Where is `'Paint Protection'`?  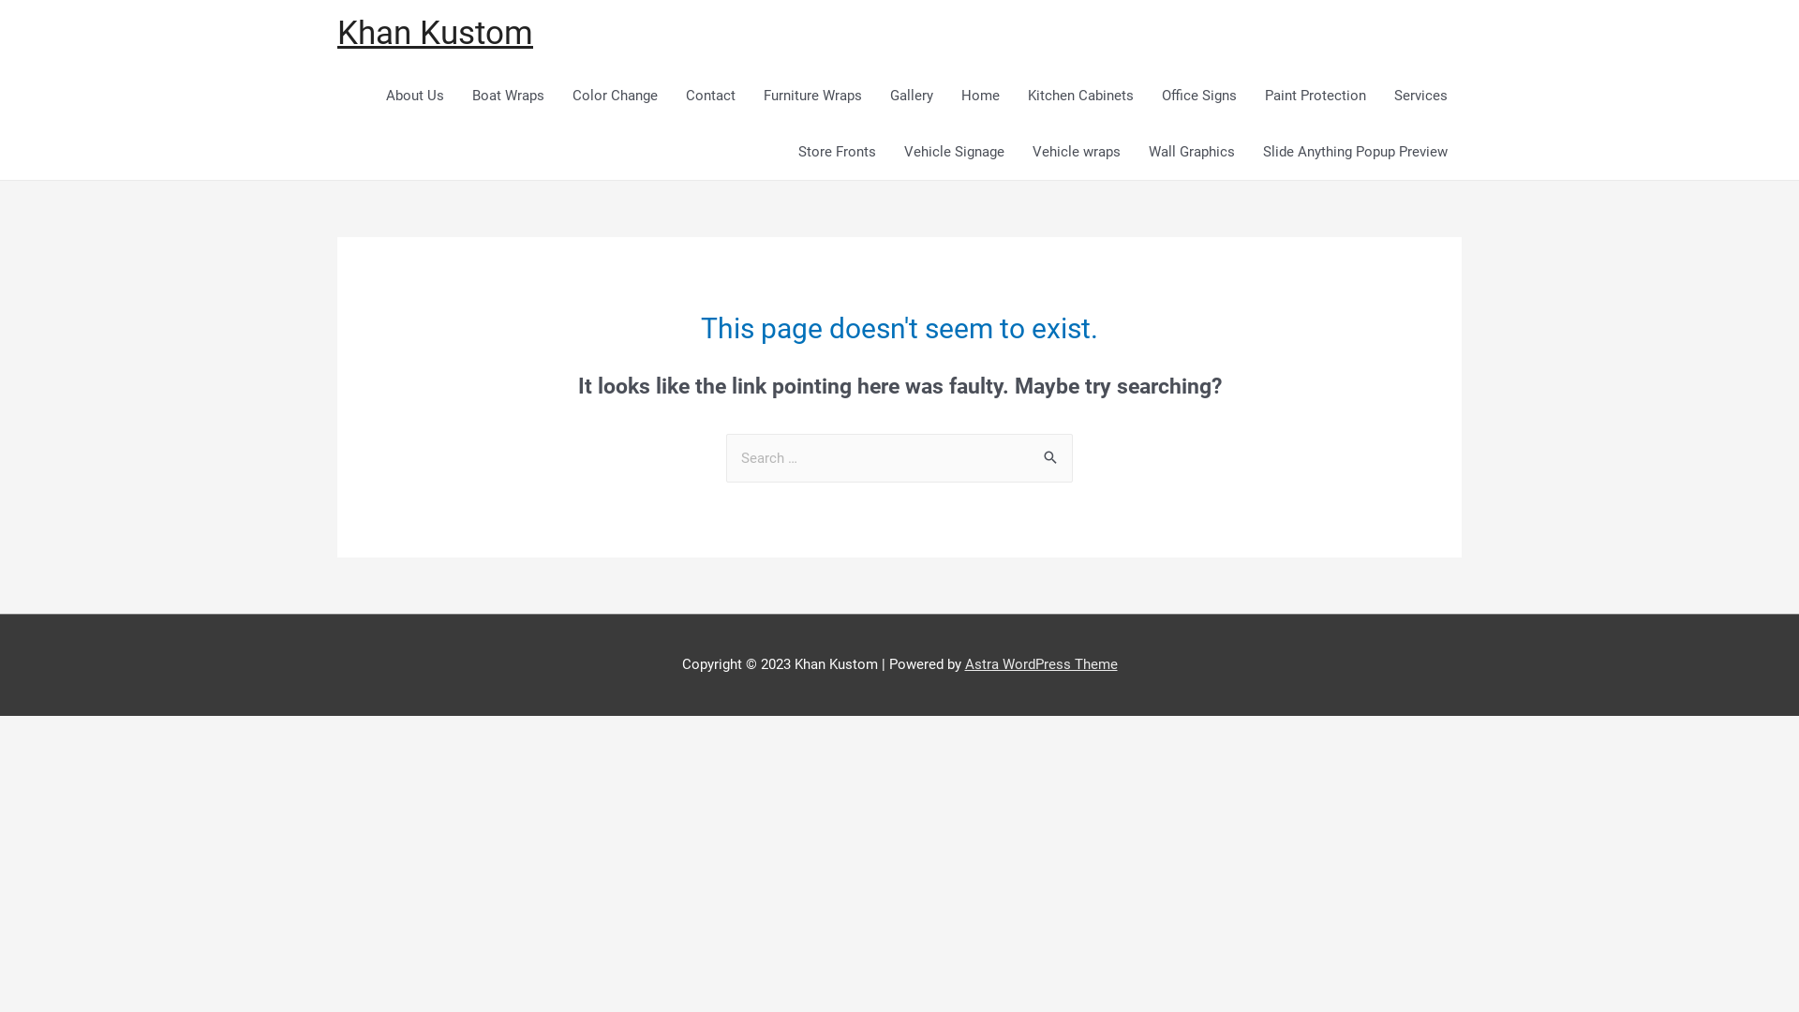
'Paint Protection' is located at coordinates (1250, 95).